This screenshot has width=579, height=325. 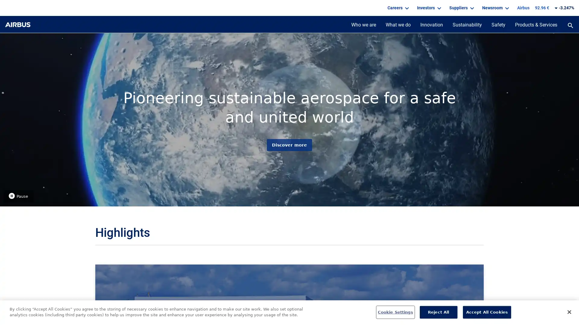 I want to click on Cookie Settings, so click(x=395, y=312).